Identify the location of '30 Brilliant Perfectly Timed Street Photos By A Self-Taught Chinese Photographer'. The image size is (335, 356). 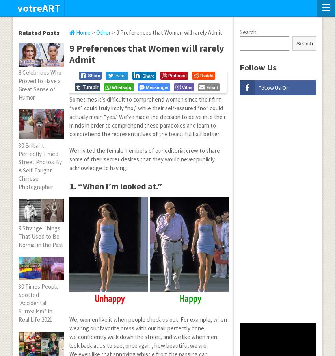
(40, 165).